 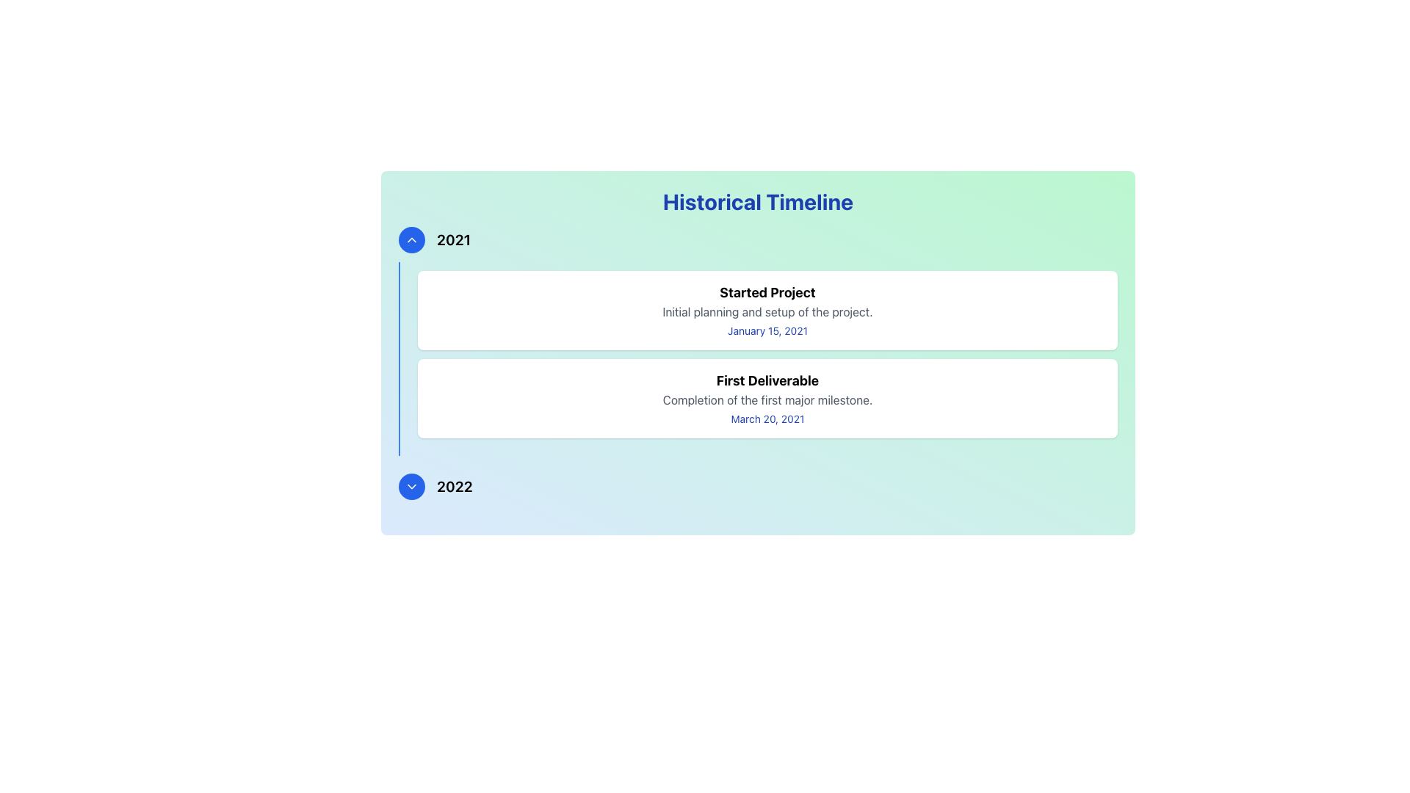 What do you see at coordinates (767, 399) in the screenshot?
I see `detailed information provided in the Text Block that elaborates on the milestone 'First Deliverable', which is located beneath the heading and above the date 'March 20, 2021'` at bounding box center [767, 399].